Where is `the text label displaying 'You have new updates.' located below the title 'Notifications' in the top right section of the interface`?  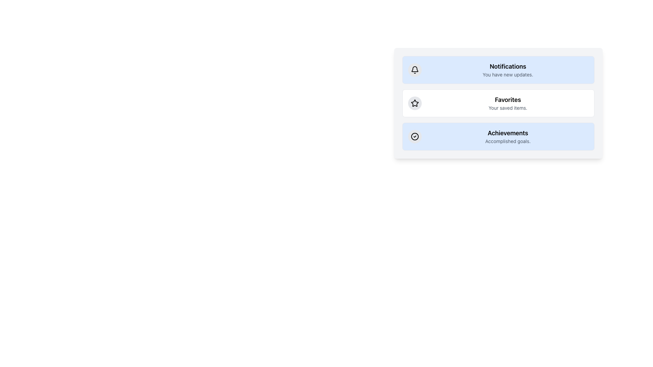
the text label displaying 'You have new updates.' located below the title 'Notifications' in the top right section of the interface is located at coordinates (508, 74).